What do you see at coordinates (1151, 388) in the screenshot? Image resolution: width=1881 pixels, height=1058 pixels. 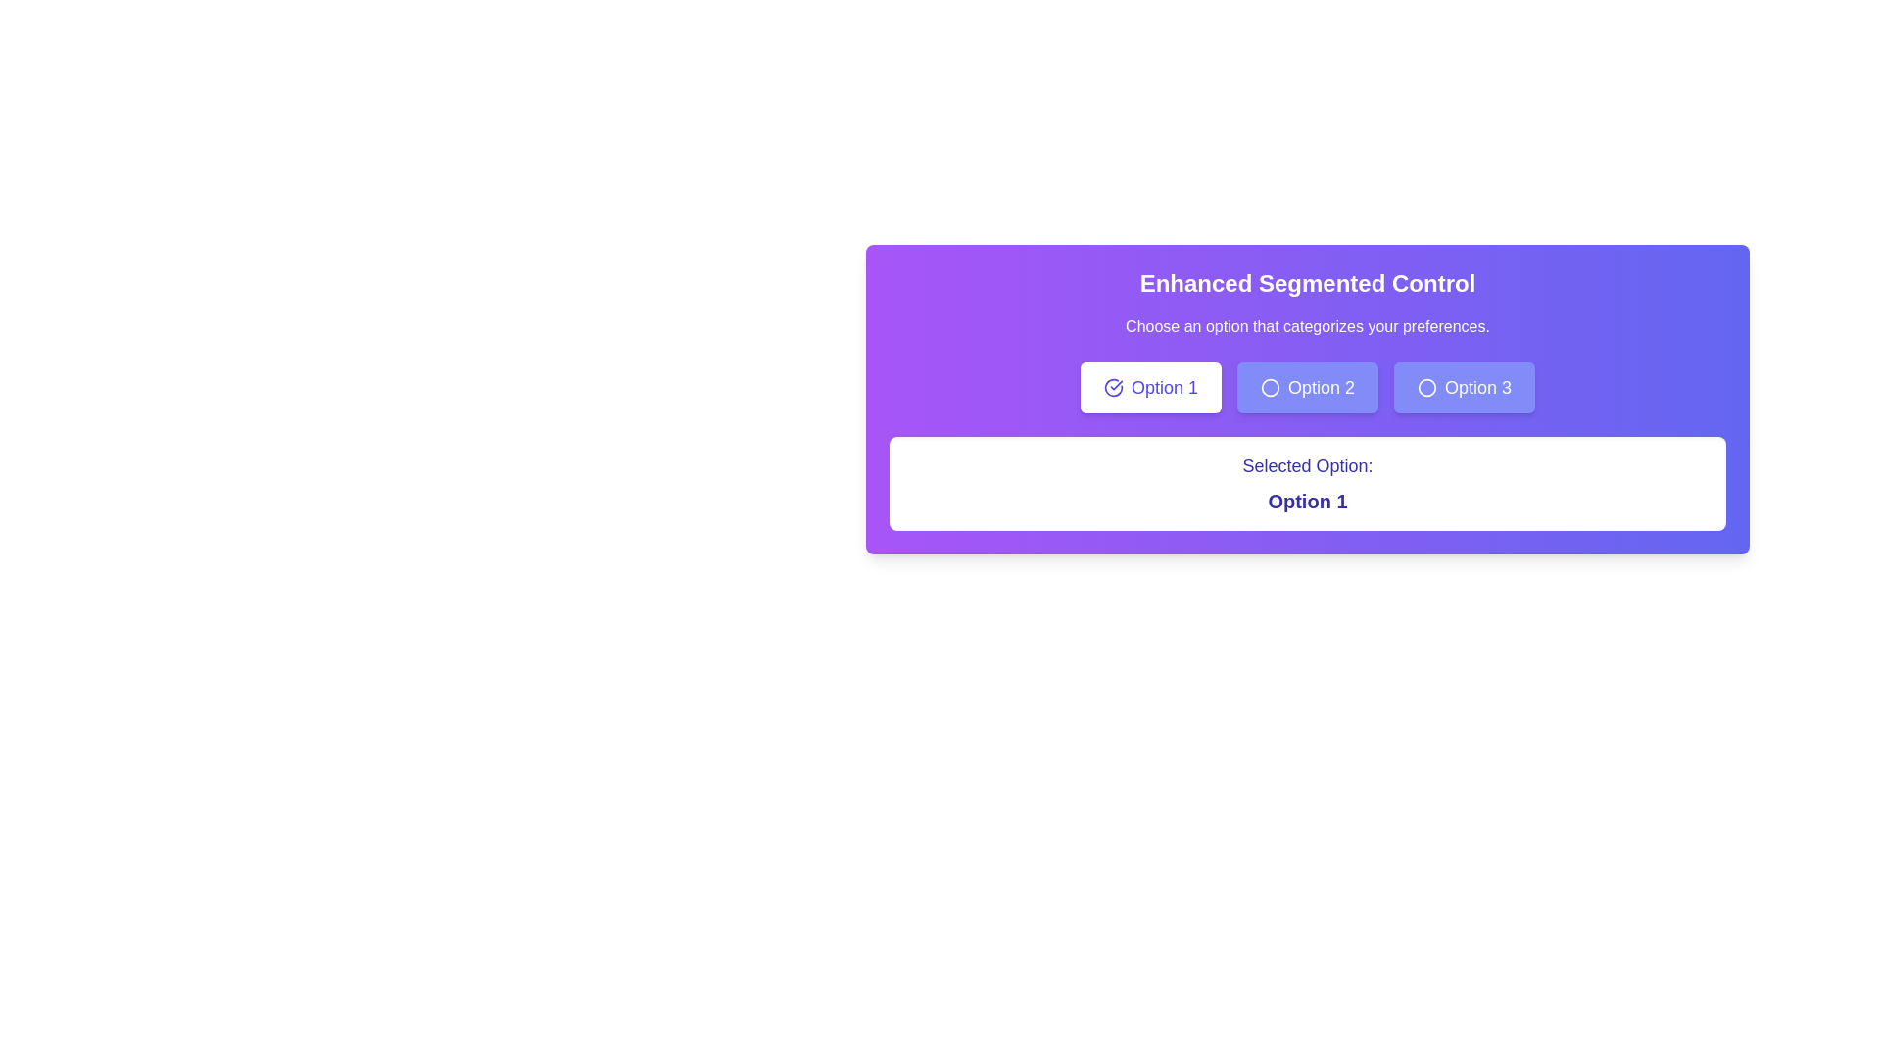 I see `the first button in the segmented control labeled 'Option 1'` at bounding box center [1151, 388].